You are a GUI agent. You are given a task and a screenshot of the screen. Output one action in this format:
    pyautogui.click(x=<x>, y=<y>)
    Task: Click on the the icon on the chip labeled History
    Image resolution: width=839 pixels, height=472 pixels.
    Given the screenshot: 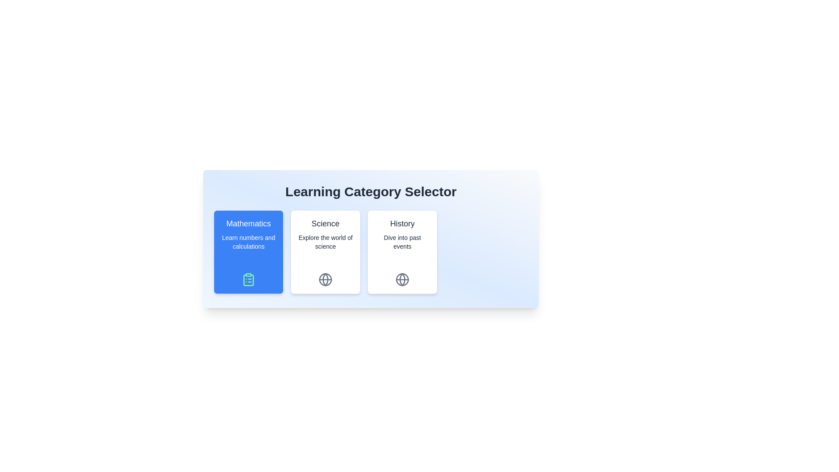 What is the action you would take?
    pyautogui.click(x=402, y=280)
    